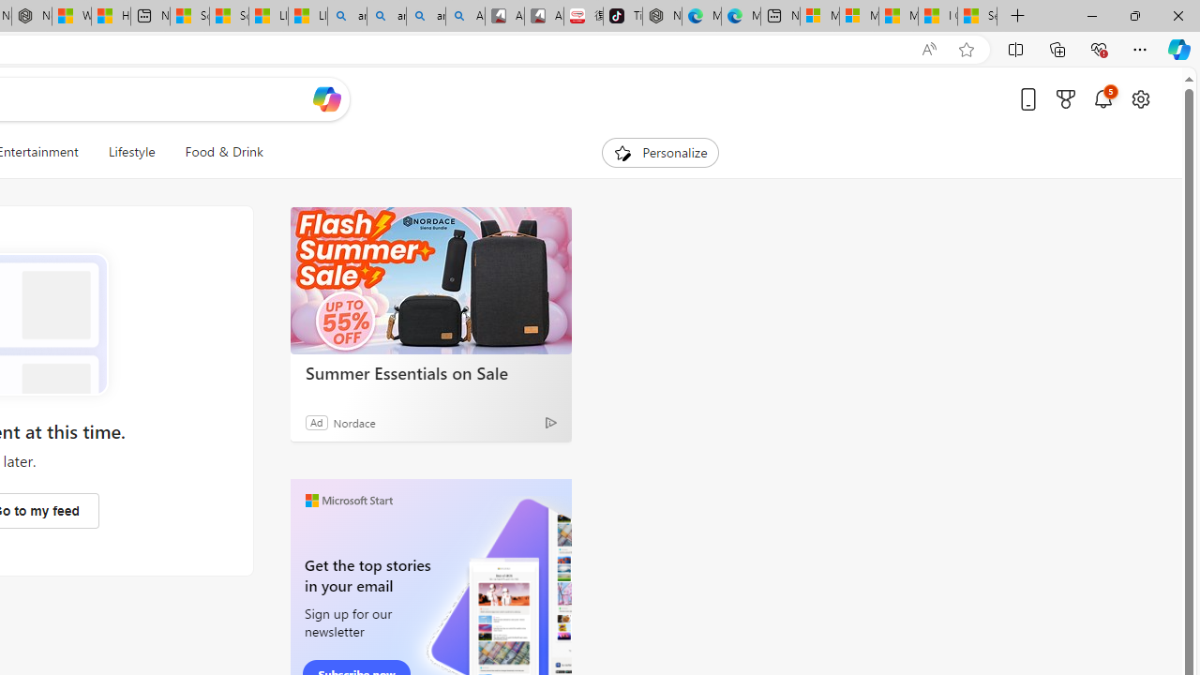  I want to click on 'I Gained 20 Pounds of Muscle in 30 Days! | Watch', so click(937, 16).